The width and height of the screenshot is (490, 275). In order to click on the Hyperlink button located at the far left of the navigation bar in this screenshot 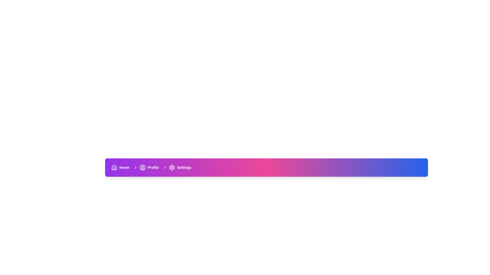, I will do `click(120, 168)`.